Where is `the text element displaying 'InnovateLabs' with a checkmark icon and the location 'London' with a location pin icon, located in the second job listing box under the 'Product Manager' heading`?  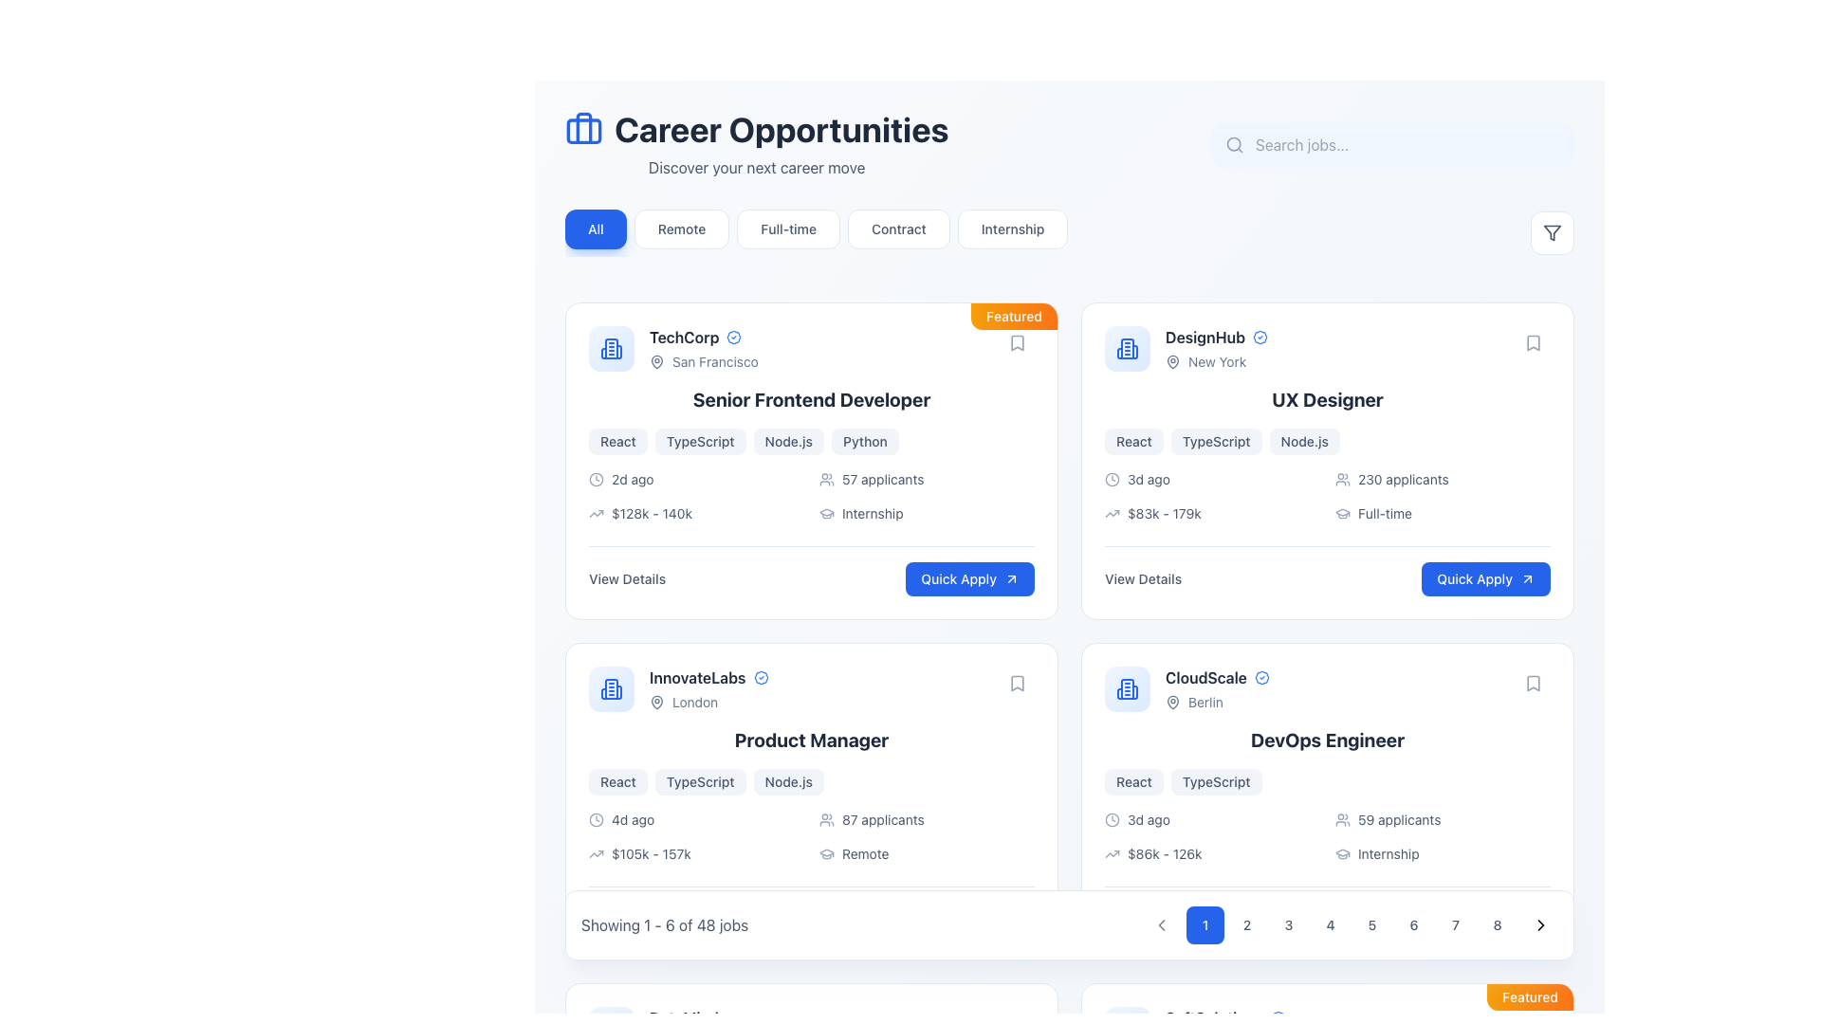 the text element displaying 'InnovateLabs' with a checkmark icon and the location 'London' with a location pin icon, located in the second job listing box under the 'Product Manager' heading is located at coordinates (708, 688).